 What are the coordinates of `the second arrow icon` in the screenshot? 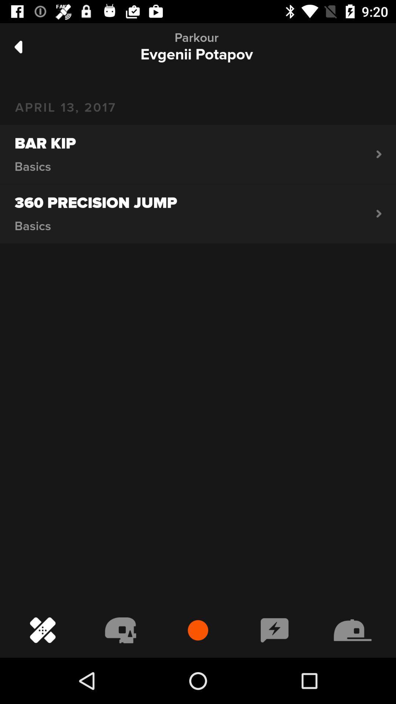 It's located at (379, 213).